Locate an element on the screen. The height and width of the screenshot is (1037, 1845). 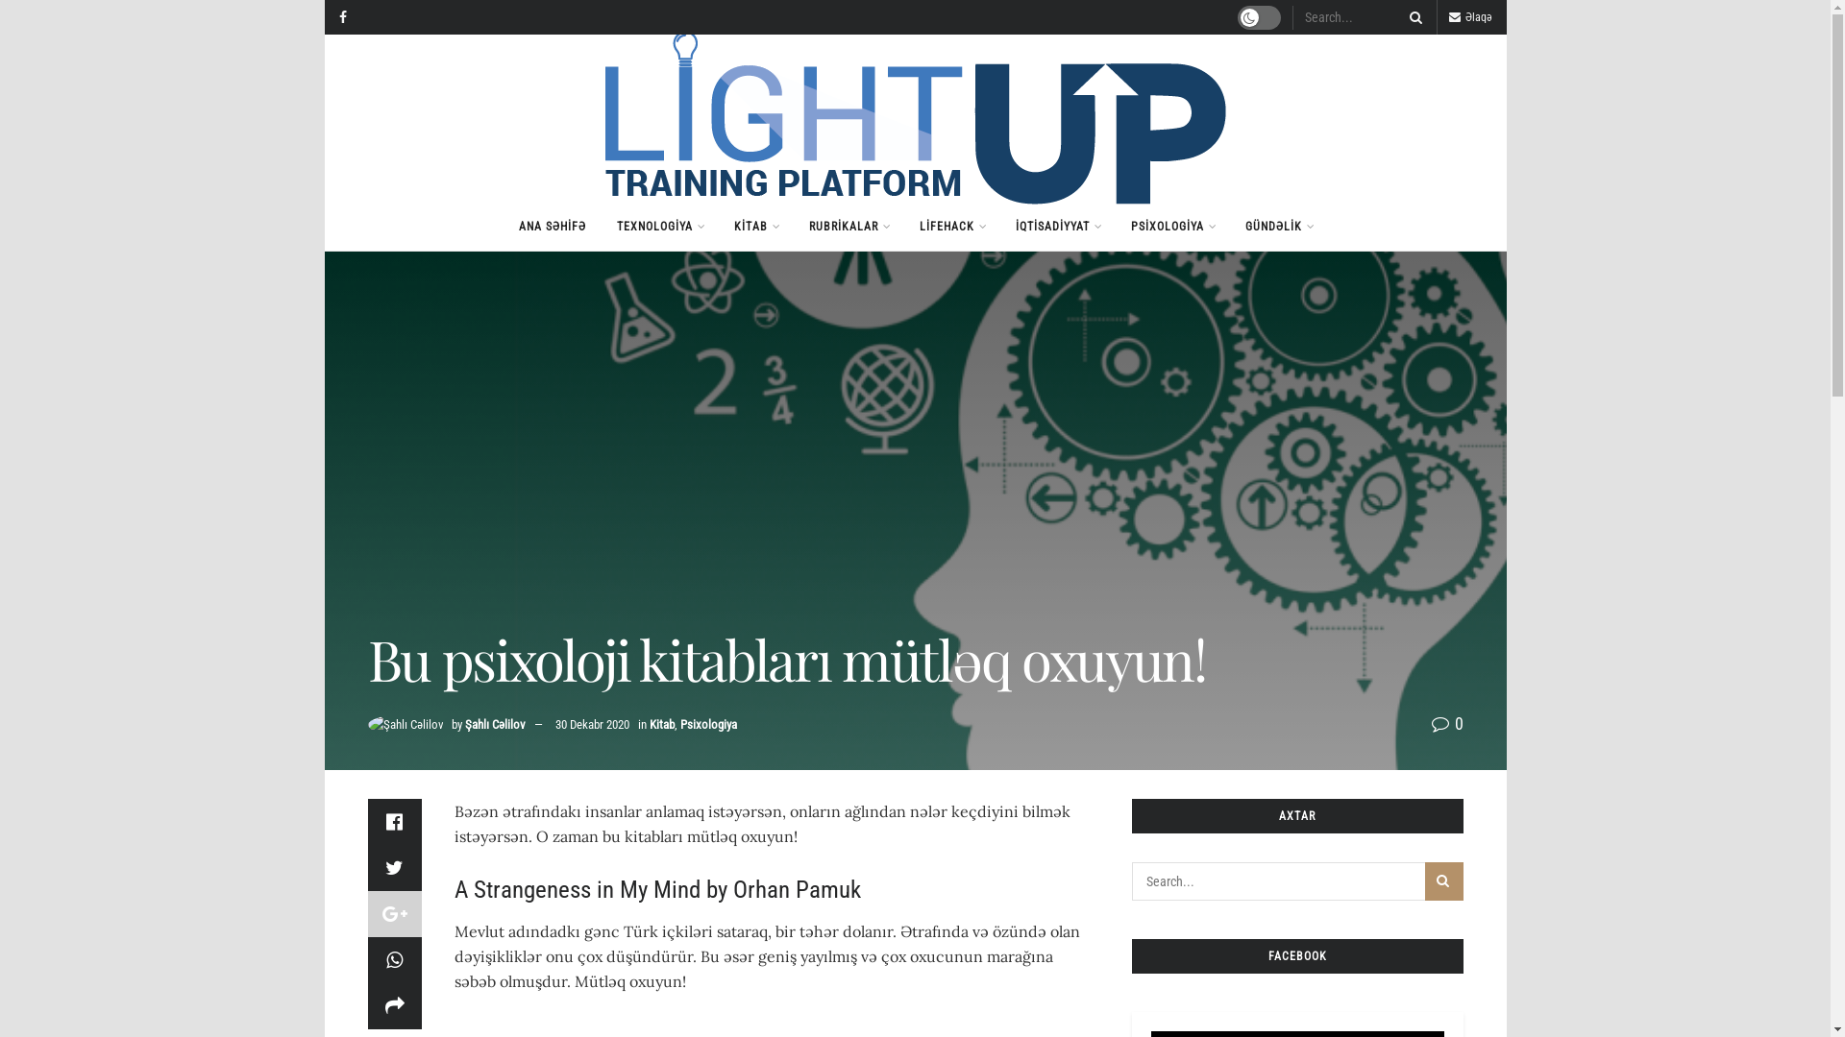
'LIFEHACK' is located at coordinates (902, 225).